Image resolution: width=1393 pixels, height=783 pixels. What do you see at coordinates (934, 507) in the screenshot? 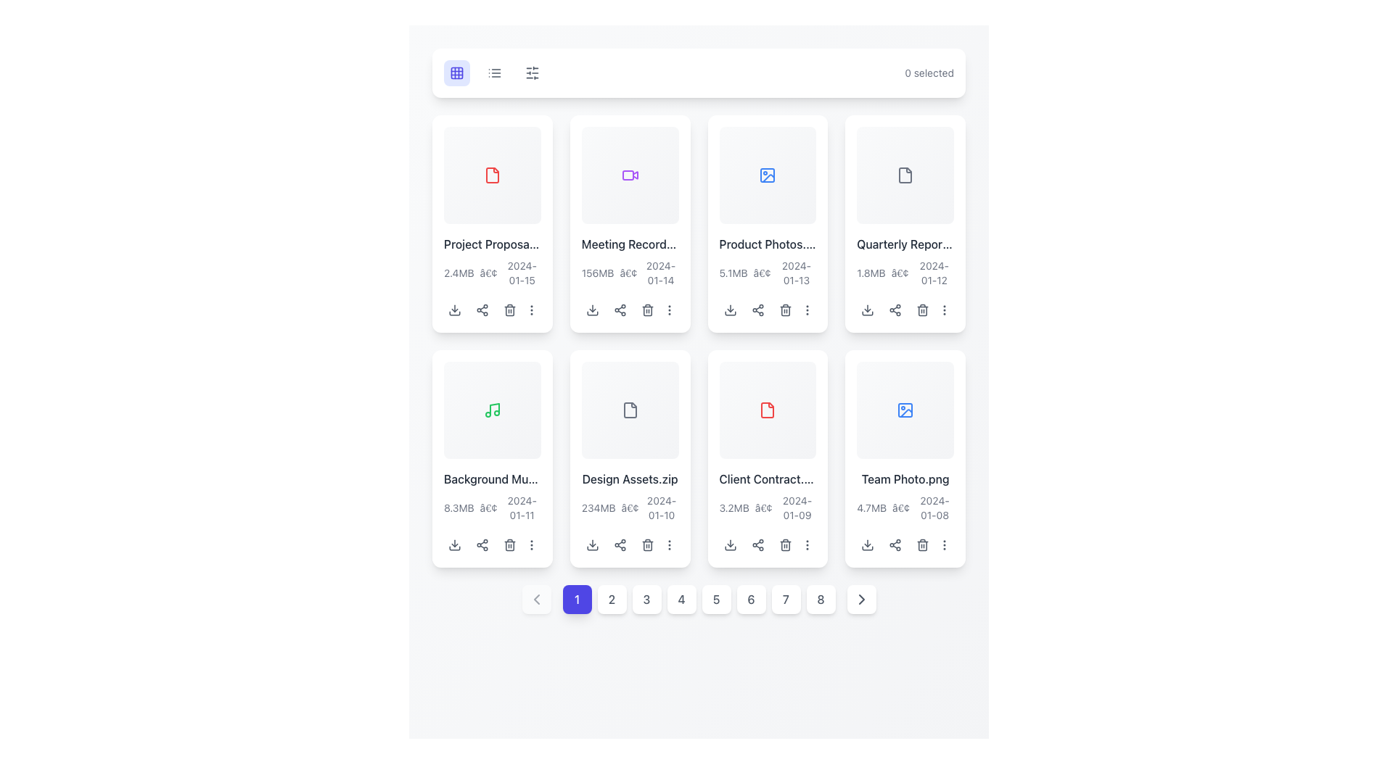
I see `the static text label displaying the date associated with the item 'Team Photo.png', located at the bottom-right corner of the card, following the file size and a separator symbol` at bounding box center [934, 507].